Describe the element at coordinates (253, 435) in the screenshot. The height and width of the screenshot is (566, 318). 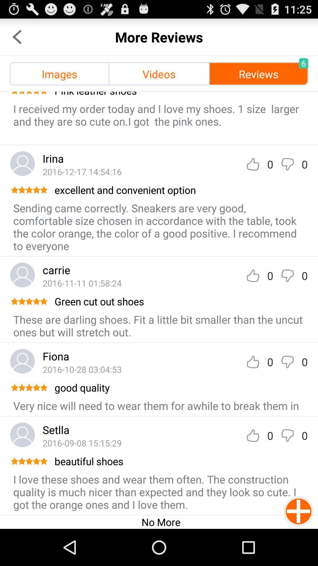
I see `like review` at that location.